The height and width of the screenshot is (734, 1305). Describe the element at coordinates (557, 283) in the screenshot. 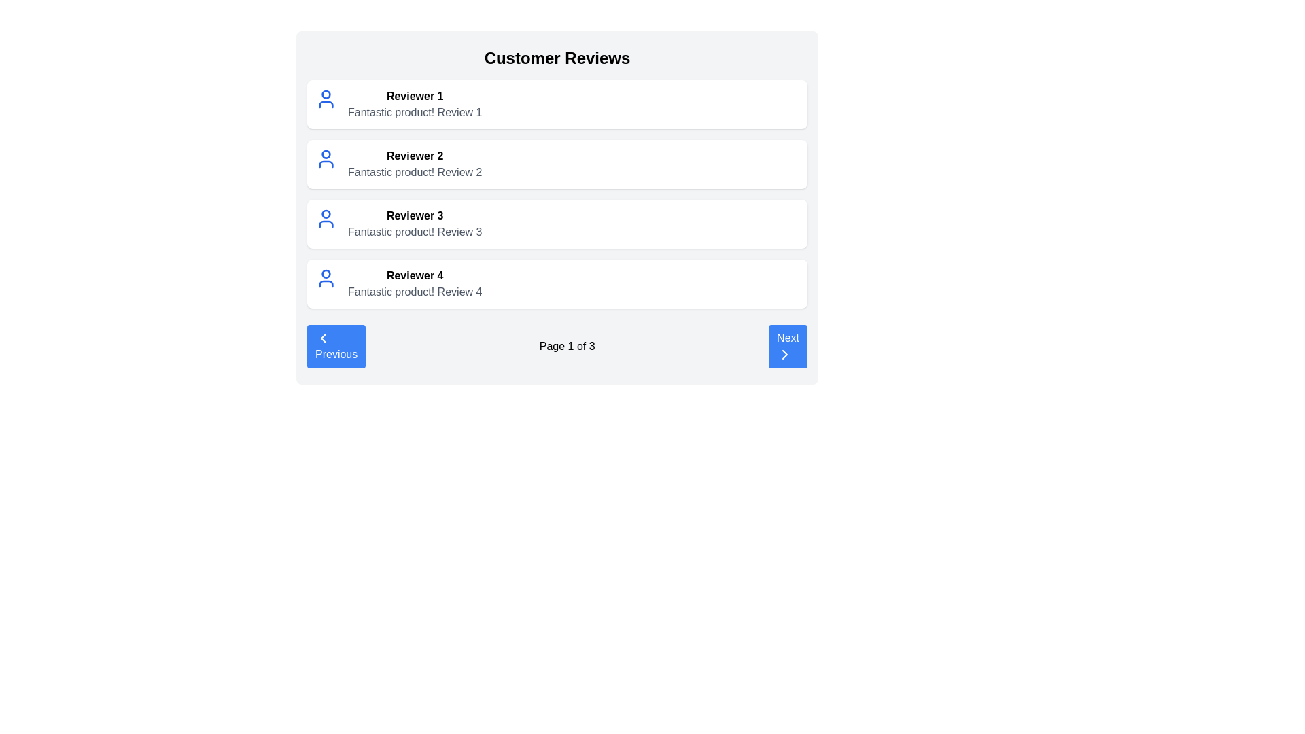

I see `the fourth review card` at that location.